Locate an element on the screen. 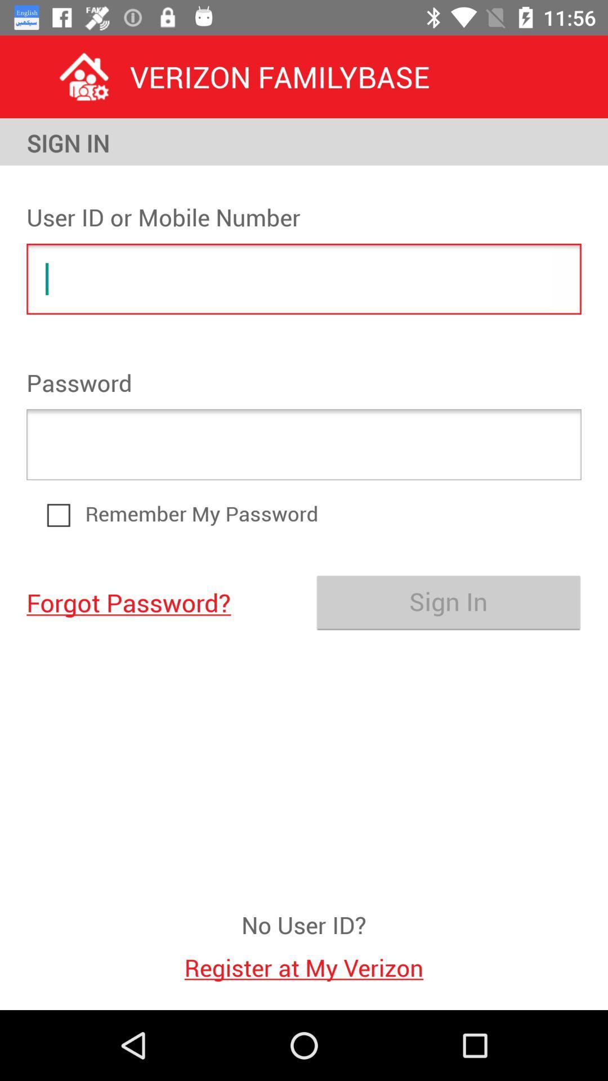 The width and height of the screenshot is (608, 1081). the icon below the no user id? icon is located at coordinates (304, 961).